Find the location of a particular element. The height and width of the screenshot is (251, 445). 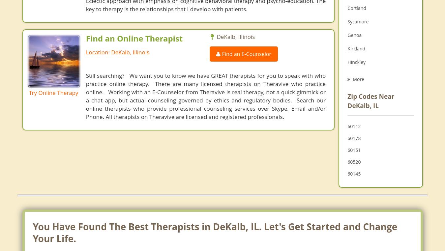

'Family Counseling' is located at coordinates (367, 38).